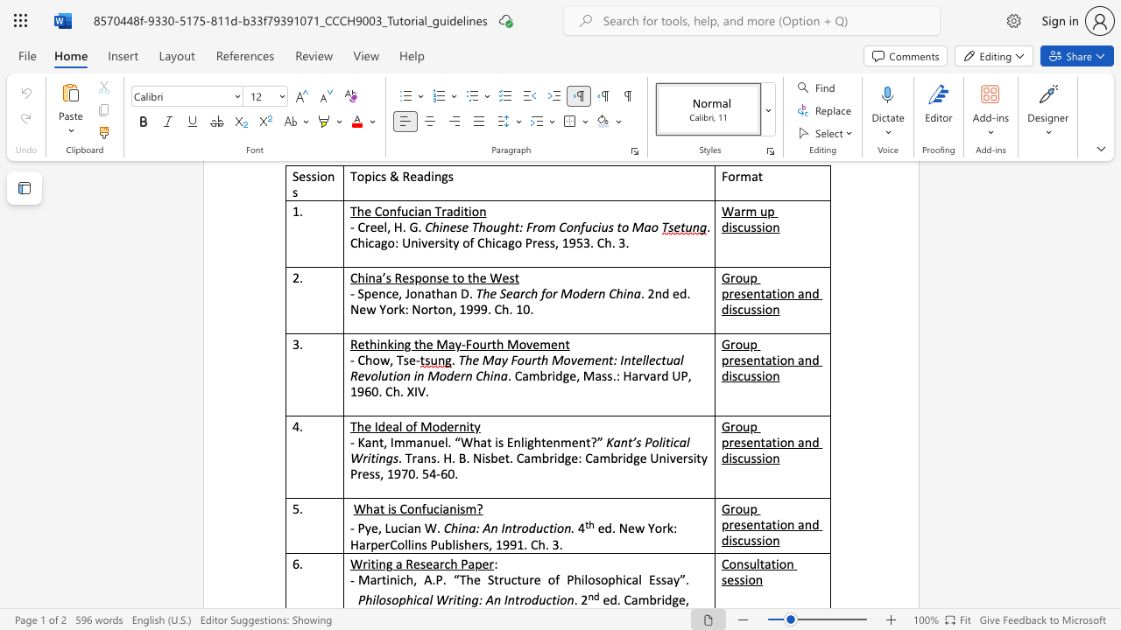 The image size is (1121, 630). I want to click on the subset text "oph" within the text "Philosophical Writing: An Introduction", so click(391, 598).